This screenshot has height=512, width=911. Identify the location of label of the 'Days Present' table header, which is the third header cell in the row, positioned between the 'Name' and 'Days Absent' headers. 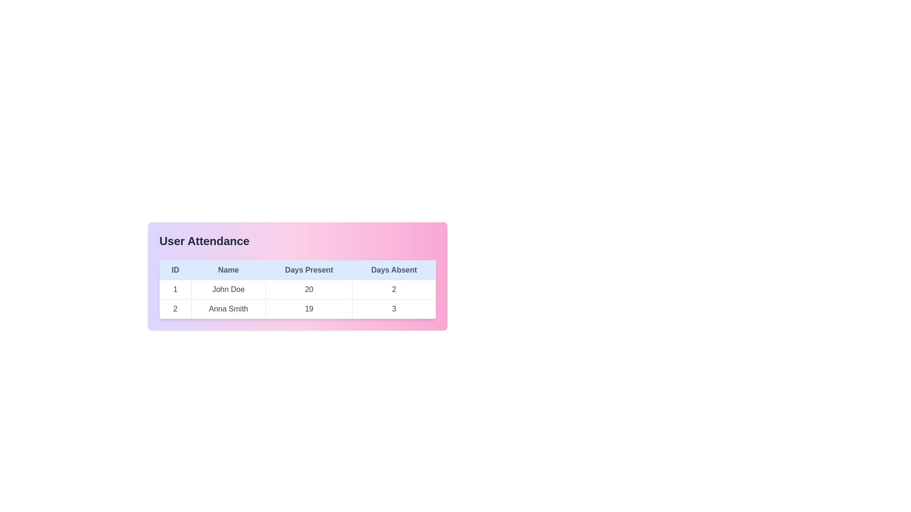
(309, 270).